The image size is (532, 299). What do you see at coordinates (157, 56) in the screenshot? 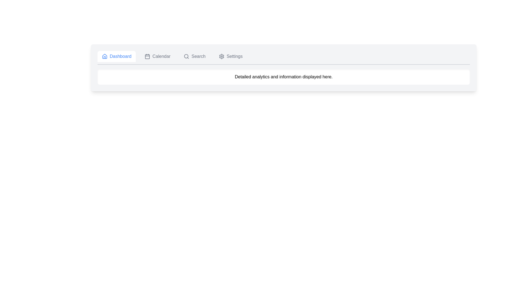
I see `the second button in the horizontal toolbar that has an icon and text, located between 'Dashboard' and 'Search'` at bounding box center [157, 56].